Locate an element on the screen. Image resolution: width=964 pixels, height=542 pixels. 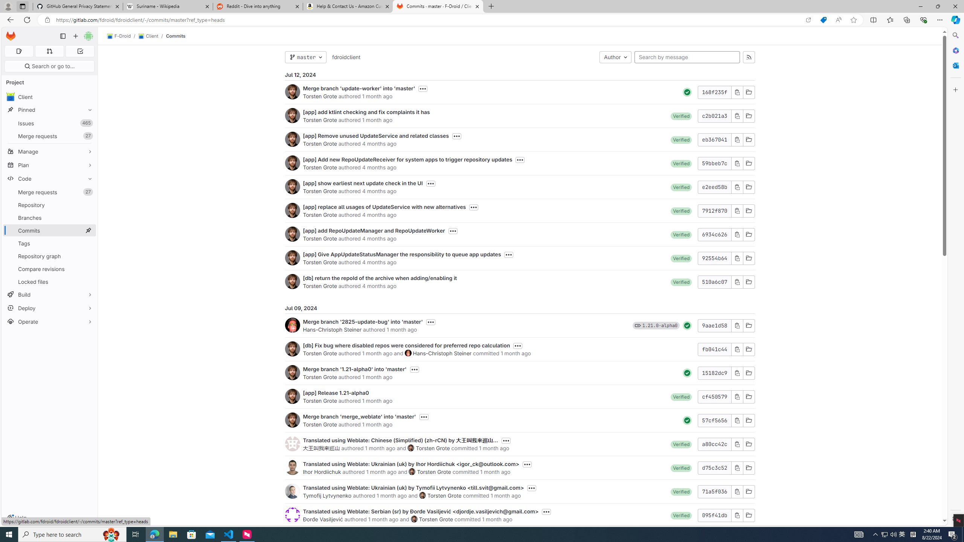
'Browse Files' is located at coordinates (748, 515).